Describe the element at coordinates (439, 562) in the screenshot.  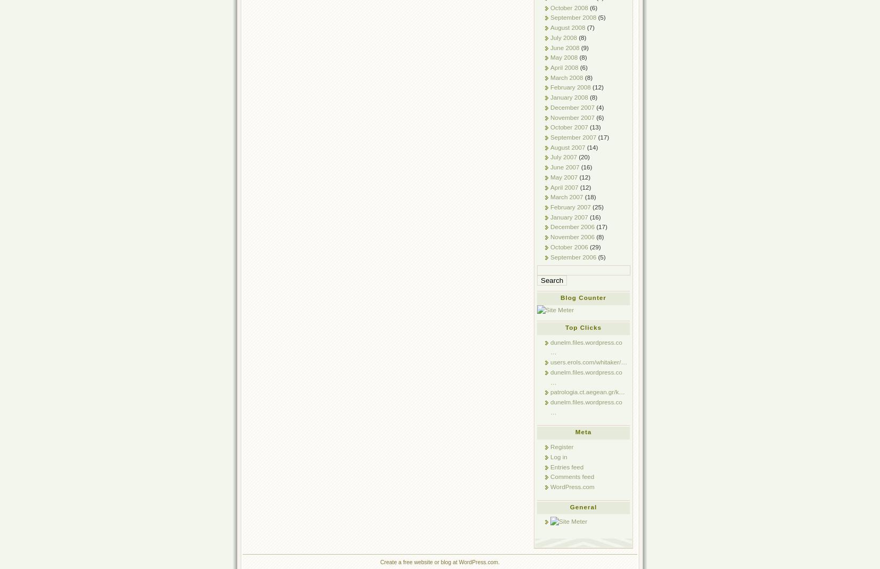
I see `'Create a free website or blog at WordPress.com.'` at that location.